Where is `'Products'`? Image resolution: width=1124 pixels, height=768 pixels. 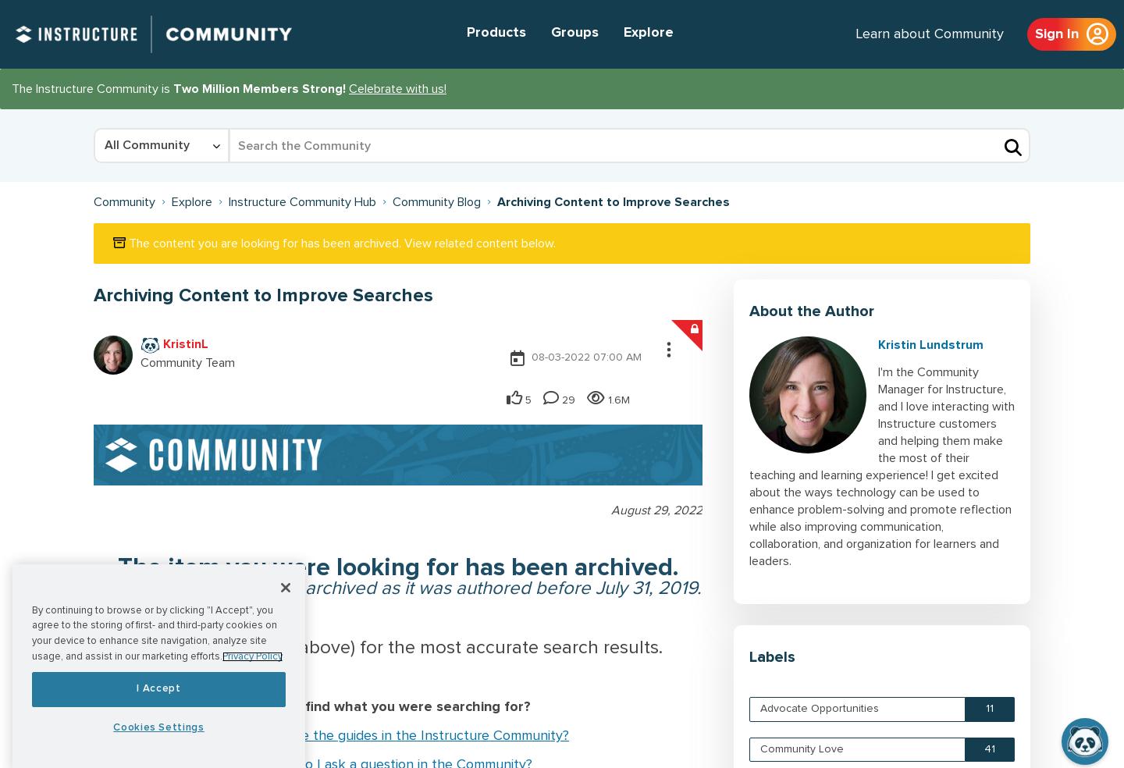
'Products' is located at coordinates (496, 32).